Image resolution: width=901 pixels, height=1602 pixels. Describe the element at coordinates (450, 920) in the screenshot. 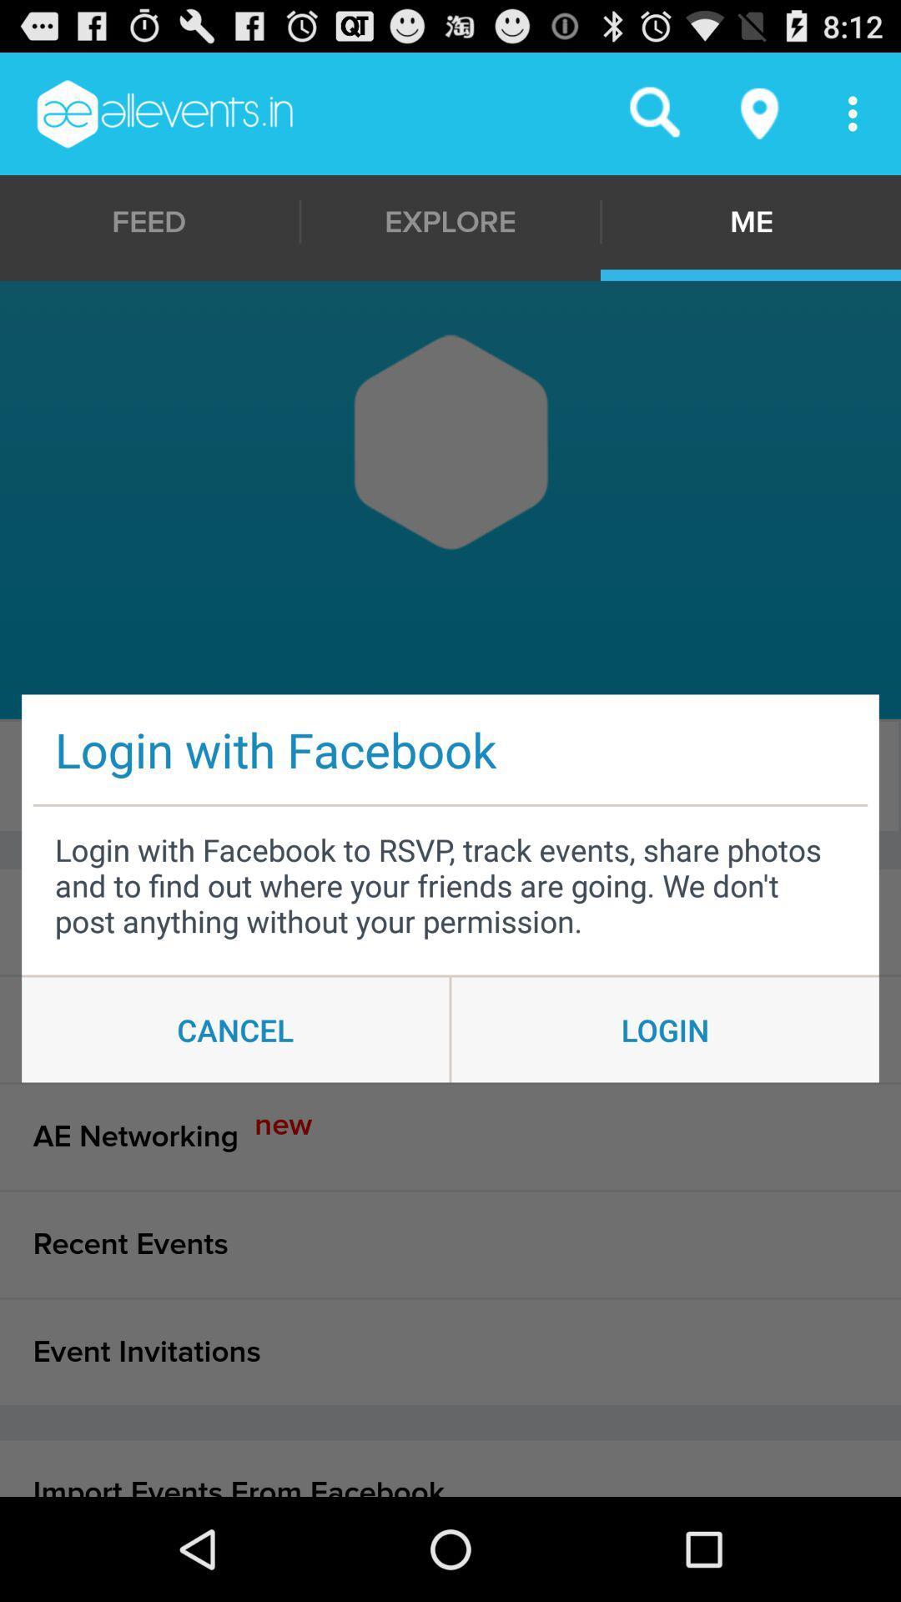

I see `the events i am item` at that location.